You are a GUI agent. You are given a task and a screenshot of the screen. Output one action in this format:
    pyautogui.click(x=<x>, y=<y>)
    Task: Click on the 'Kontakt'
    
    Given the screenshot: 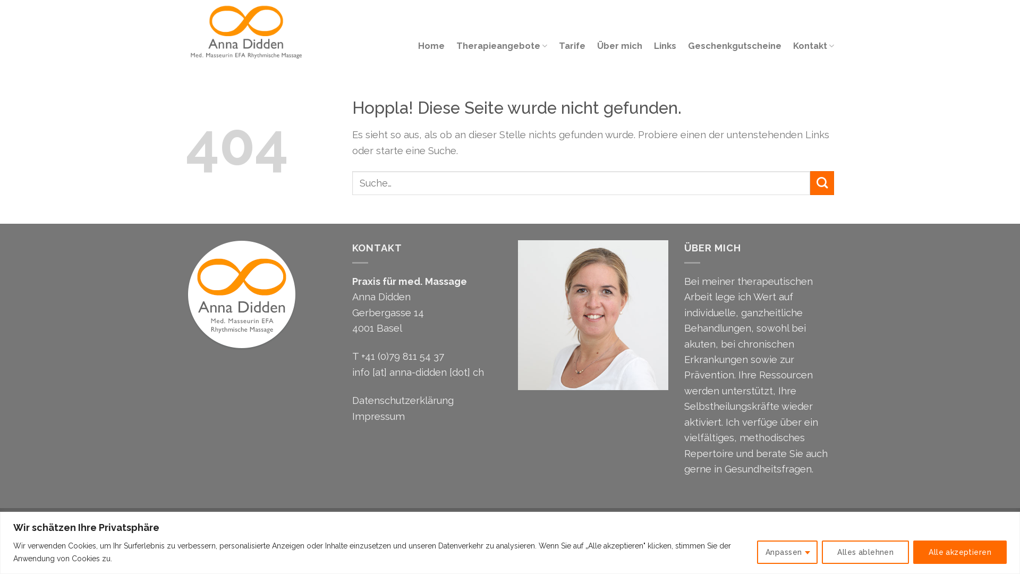 What is the action you would take?
    pyautogui.click(x=813, y=45)
    